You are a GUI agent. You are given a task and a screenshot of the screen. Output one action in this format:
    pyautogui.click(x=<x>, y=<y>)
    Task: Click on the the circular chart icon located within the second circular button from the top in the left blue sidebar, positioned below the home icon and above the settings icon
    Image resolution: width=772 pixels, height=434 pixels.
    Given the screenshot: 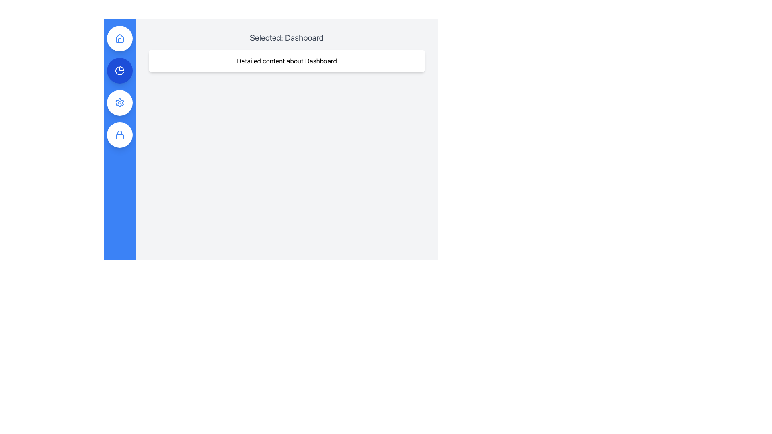 What is the action you would take?
    pyautogui.click(x=119, y=70)
    